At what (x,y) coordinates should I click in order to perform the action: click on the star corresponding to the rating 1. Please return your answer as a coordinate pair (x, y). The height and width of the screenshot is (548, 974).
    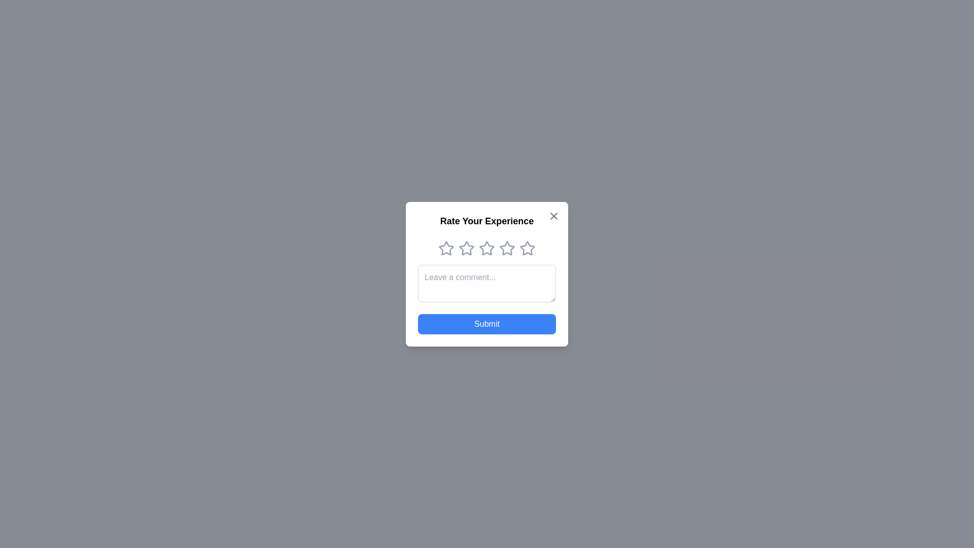
    Looking at the image, I should click on (446, 248).